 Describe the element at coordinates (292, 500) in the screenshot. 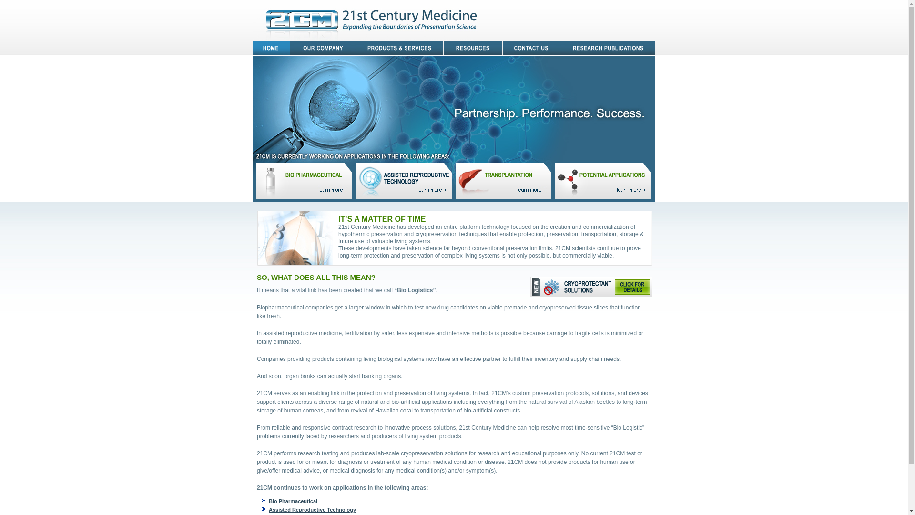

I see `'Bio Pharmaceutical'` at that location.